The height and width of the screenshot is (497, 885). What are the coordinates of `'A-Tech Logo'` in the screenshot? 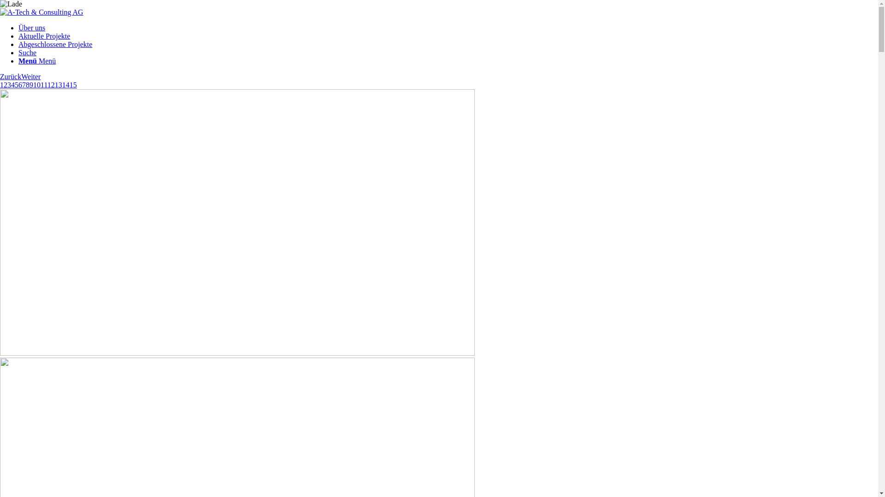 It's located at (41, 12).